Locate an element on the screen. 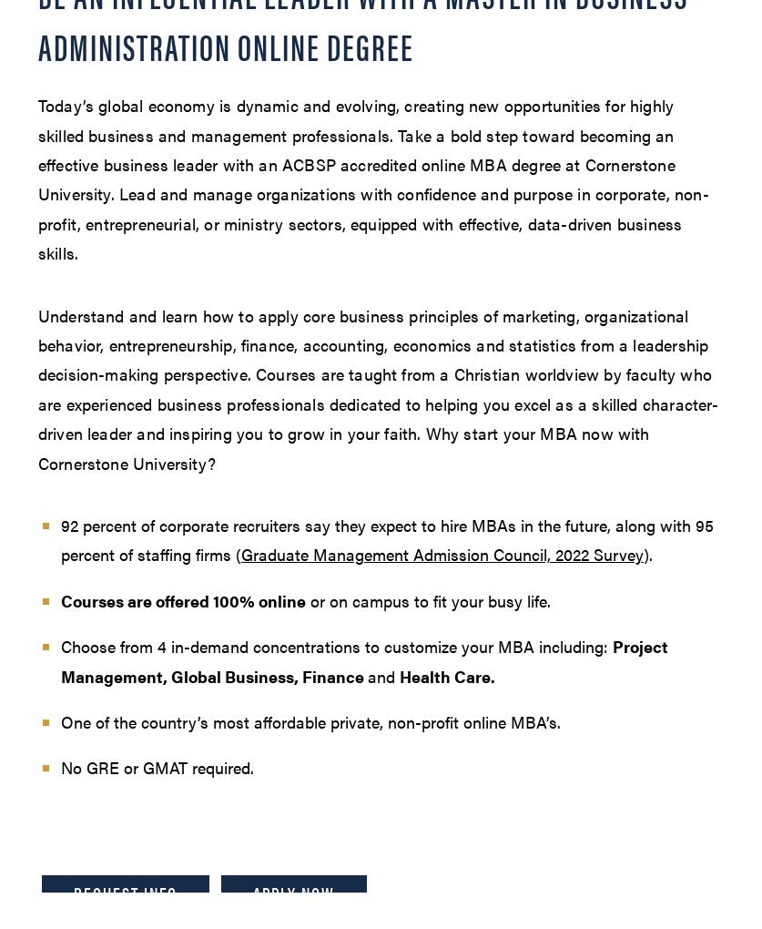  '92 percent of corporate recruiters say they expect to hire MBAs in the future, along with 95 percent of staffing firms (' is located at coordinates (60, 539).